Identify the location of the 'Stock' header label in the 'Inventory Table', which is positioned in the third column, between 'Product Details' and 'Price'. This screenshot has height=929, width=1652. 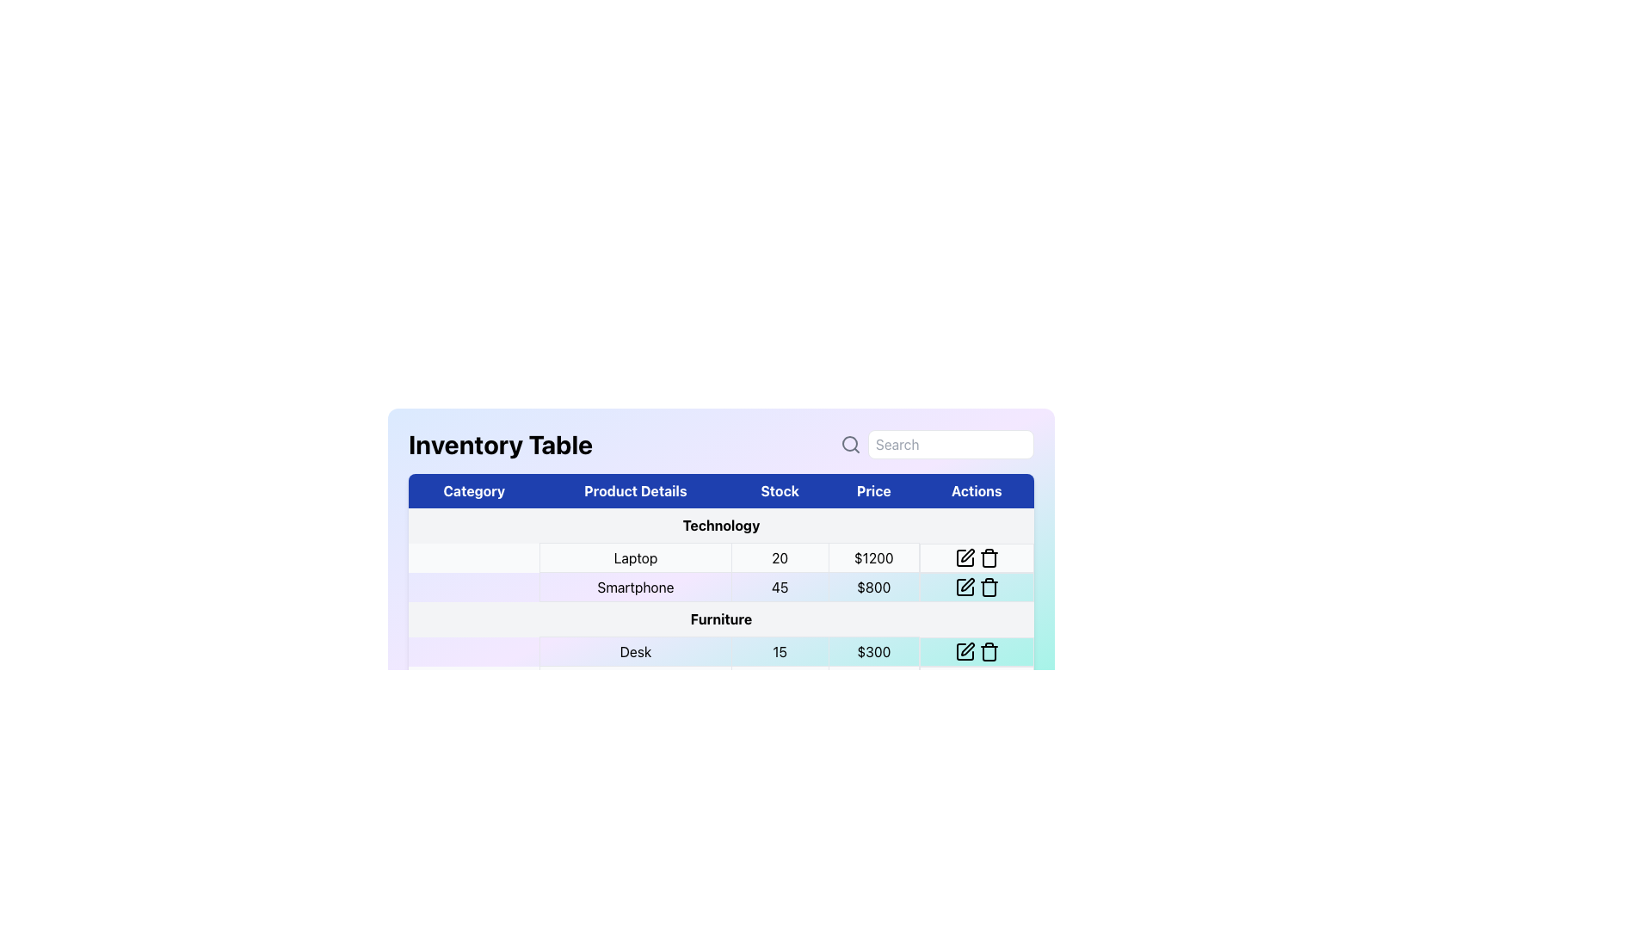
(779, 490).